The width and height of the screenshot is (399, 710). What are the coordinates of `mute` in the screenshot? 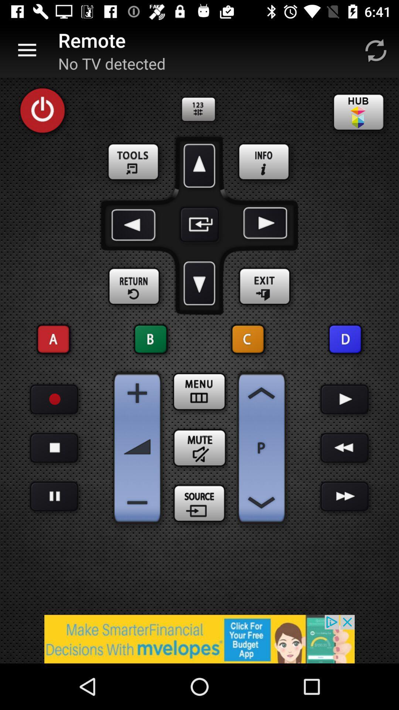 It's located at (199, 447).